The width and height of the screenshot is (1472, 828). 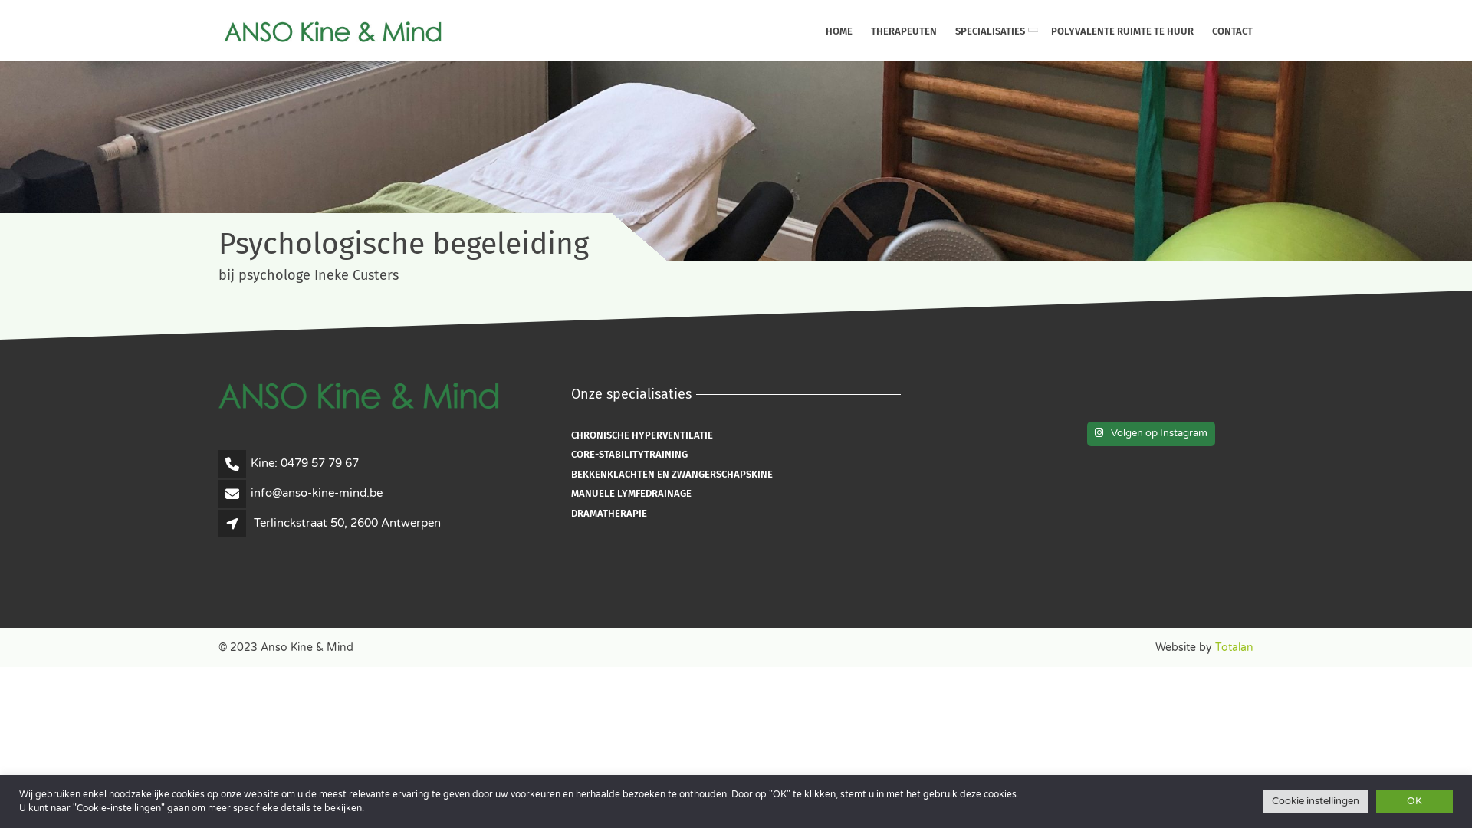 I want to click on 'Cookie instellingen', so click(x=1315, y=800).